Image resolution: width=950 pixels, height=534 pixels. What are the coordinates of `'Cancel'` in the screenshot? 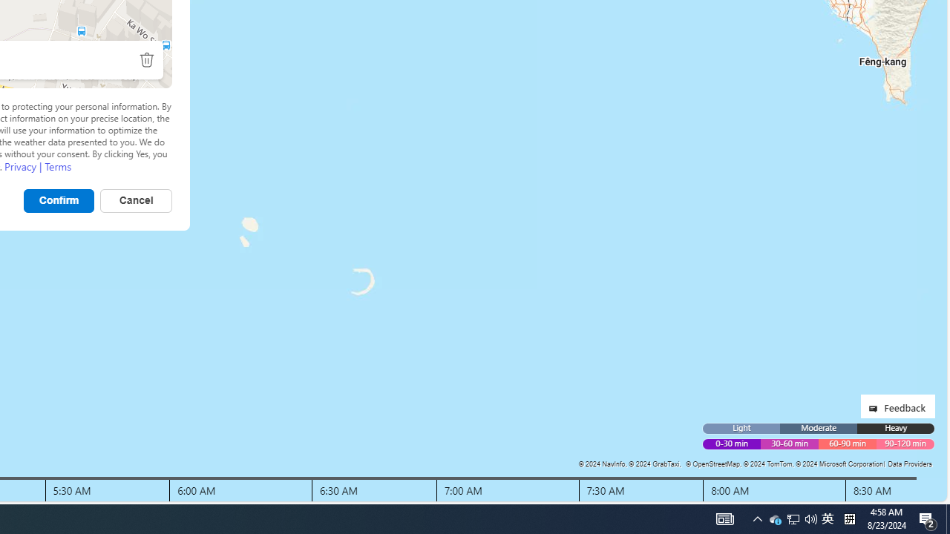 It's located at (136, 200).